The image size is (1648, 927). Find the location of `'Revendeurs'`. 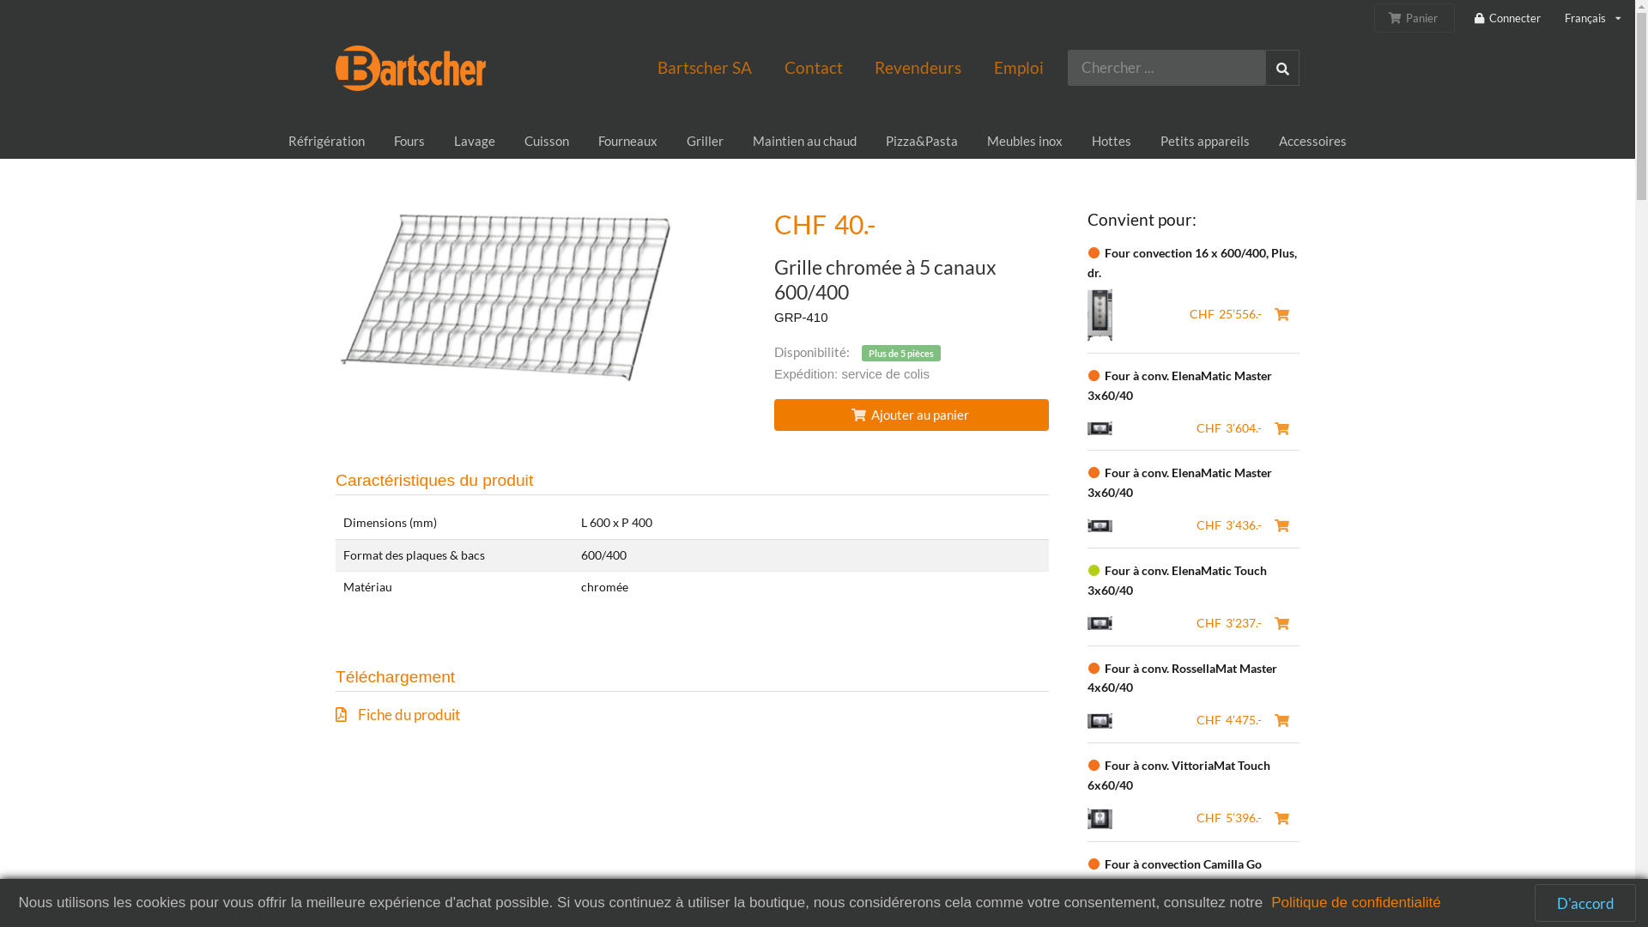

'Revendeurs' is located at coordinates (917, 66).